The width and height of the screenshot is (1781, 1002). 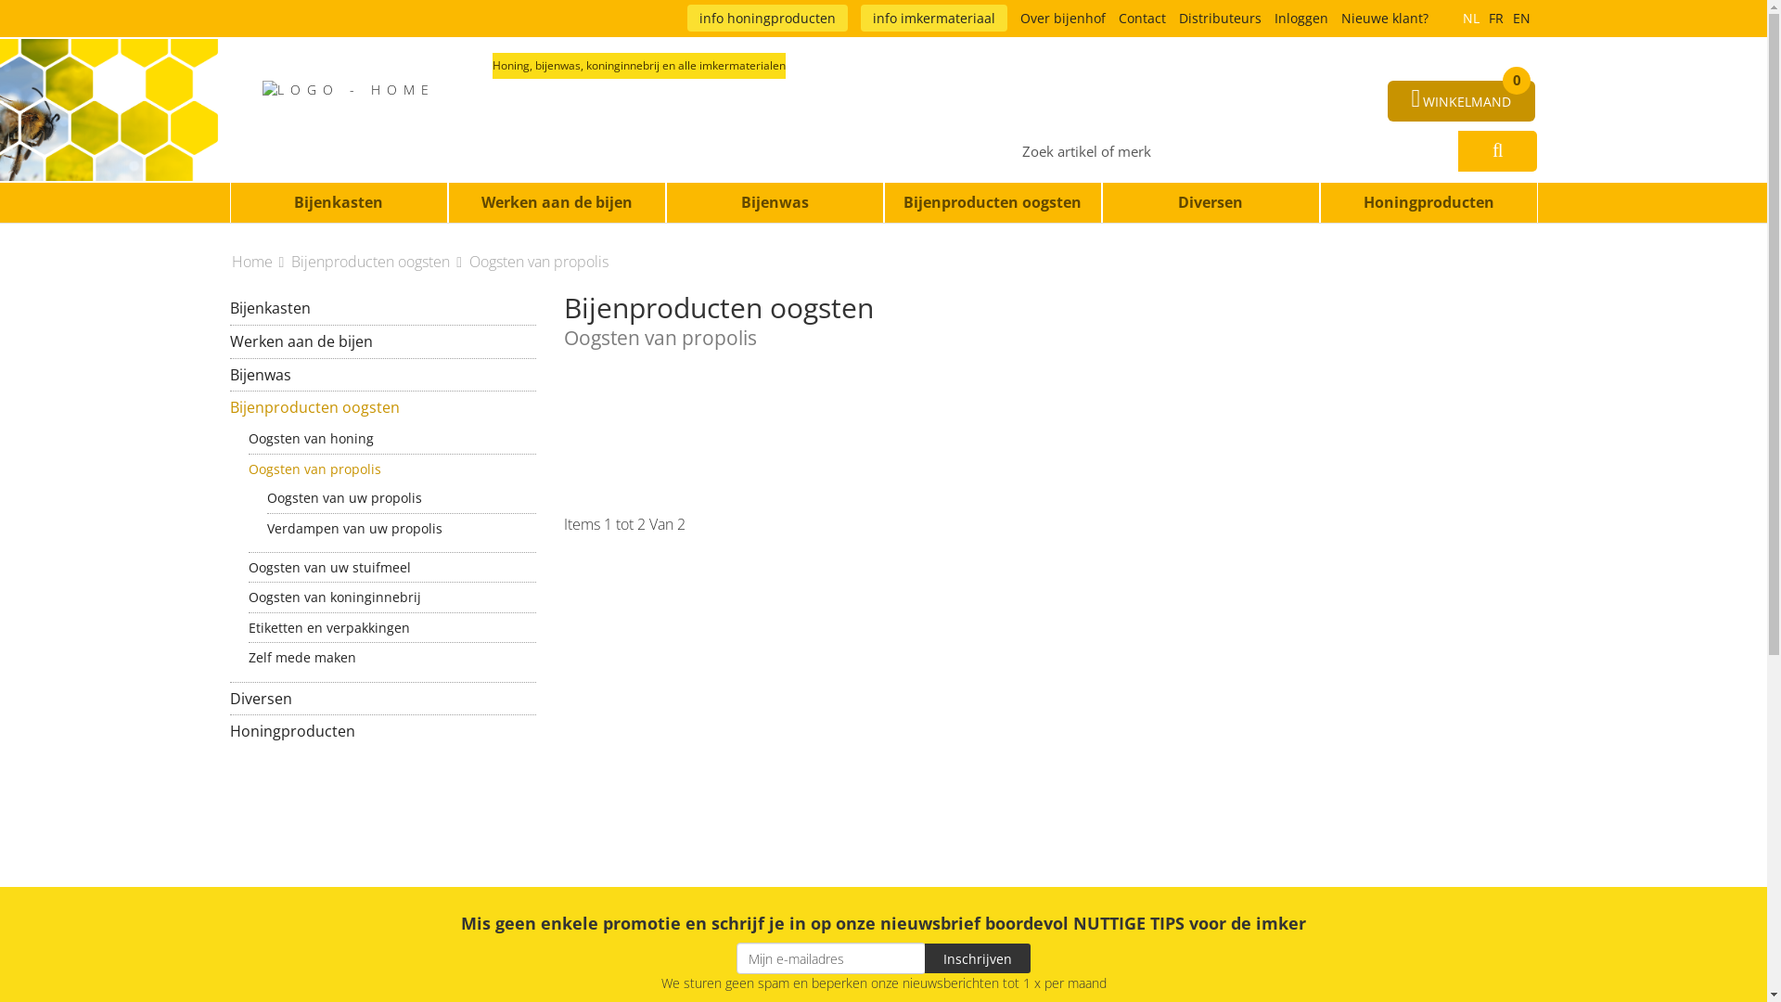 I want to click on 'Oogsten van propolis', so click(x=391, y=468).